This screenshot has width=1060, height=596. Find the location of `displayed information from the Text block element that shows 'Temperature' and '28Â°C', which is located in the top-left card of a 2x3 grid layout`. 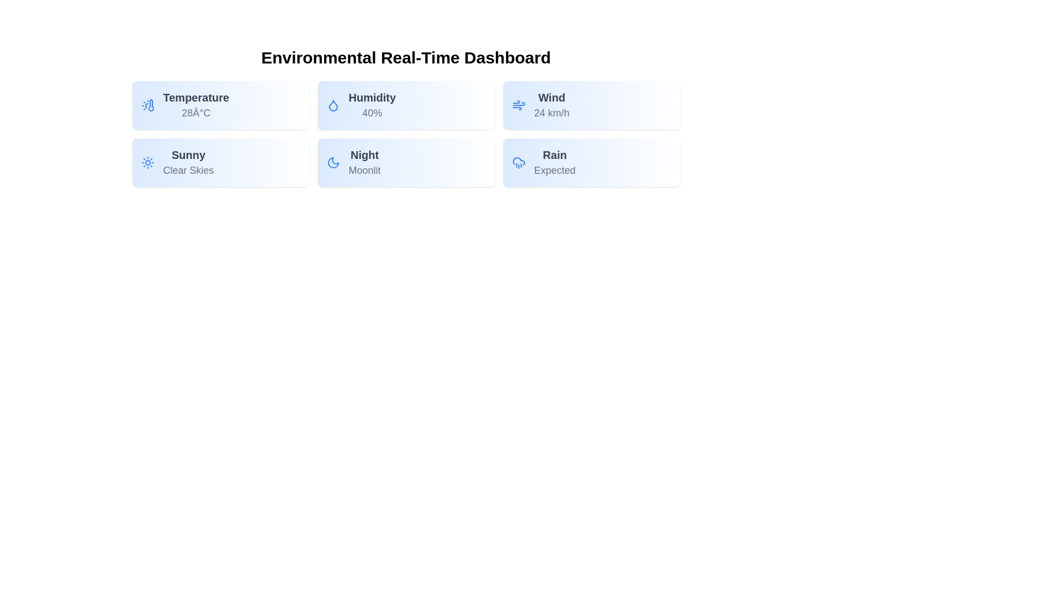

displayed information from the Text block element that shows 'Temperature' and '28Â°C', which is located in the top-left card of a 2x3 grid layout is located at coordinates (196, 105).